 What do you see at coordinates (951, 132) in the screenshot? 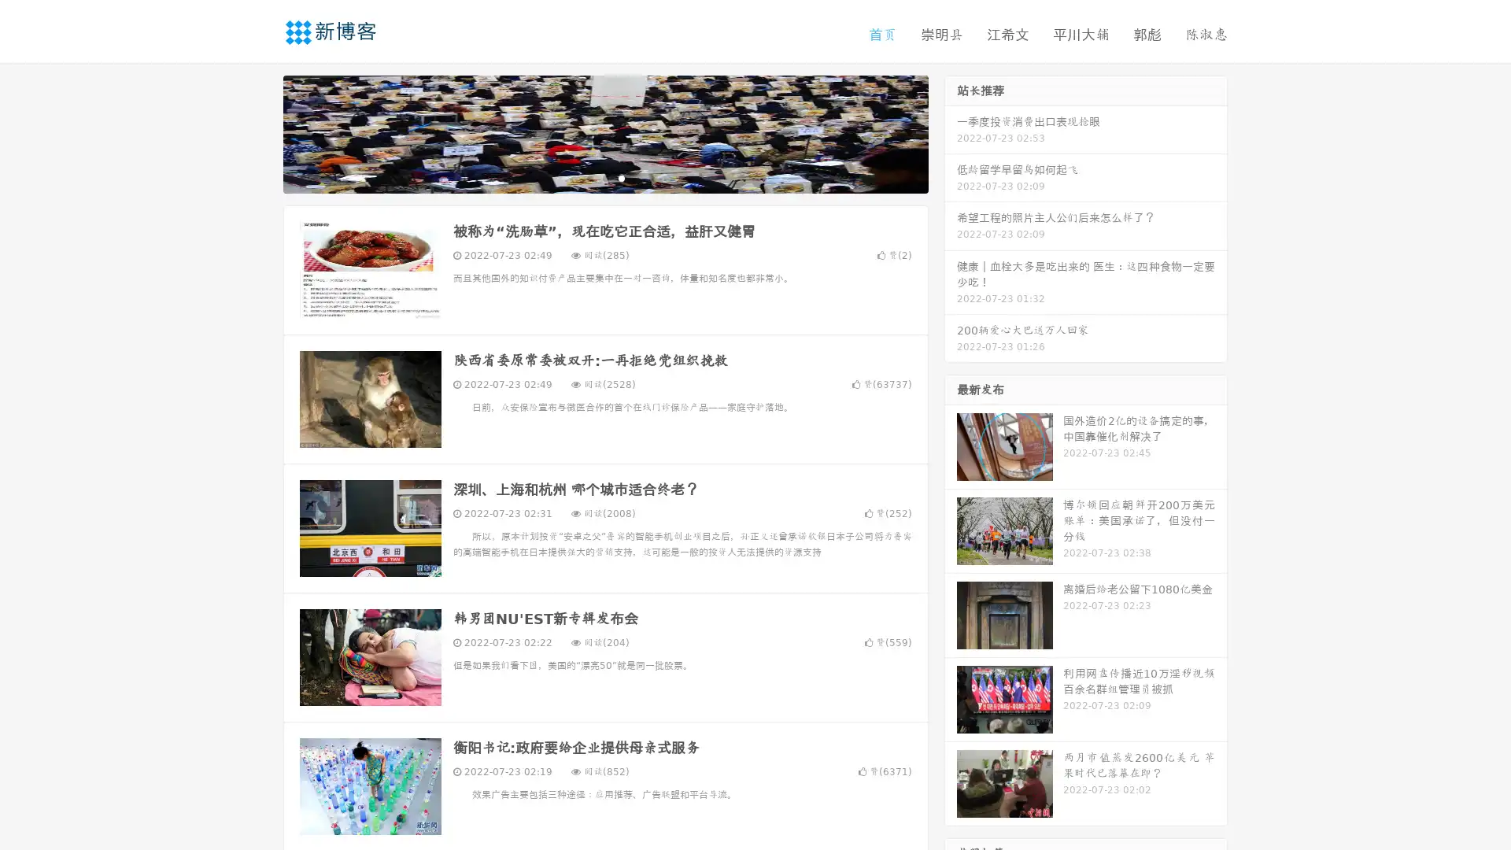
I see `Next slide` at bounding box center [951, 132].